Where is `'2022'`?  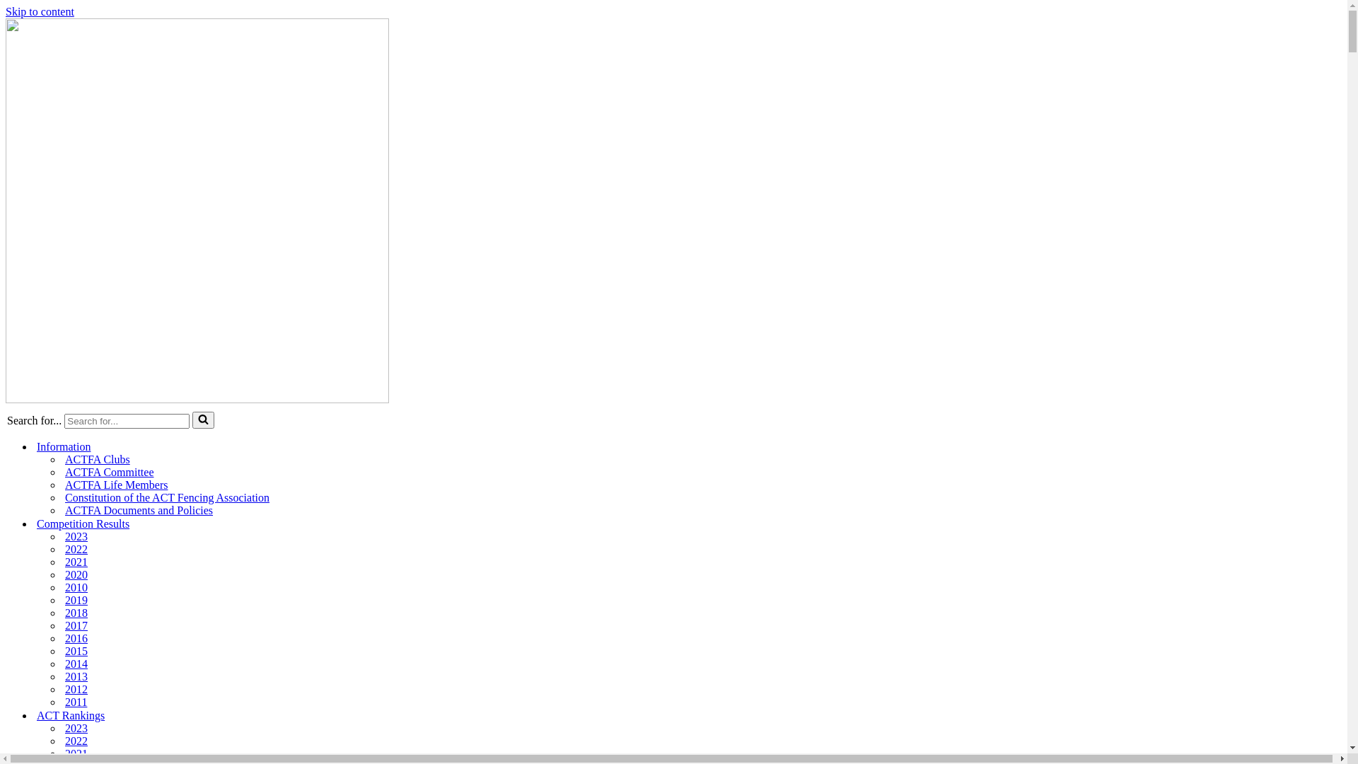 '2022' is located at coordinates (76, 741).